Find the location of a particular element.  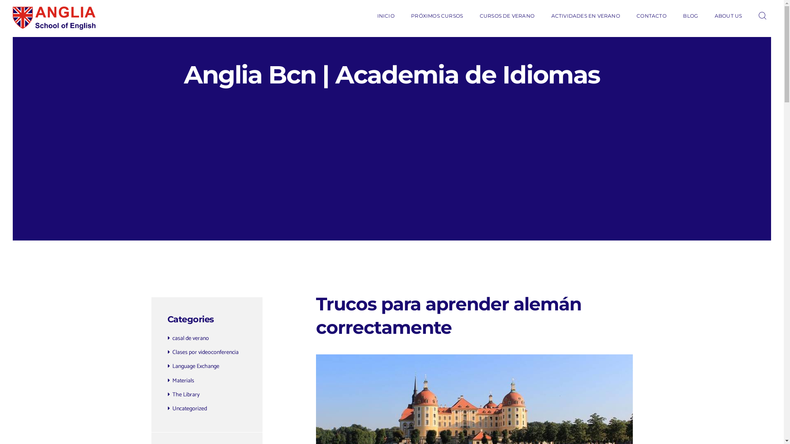

'Open search' is located at coordinates (764, 16).